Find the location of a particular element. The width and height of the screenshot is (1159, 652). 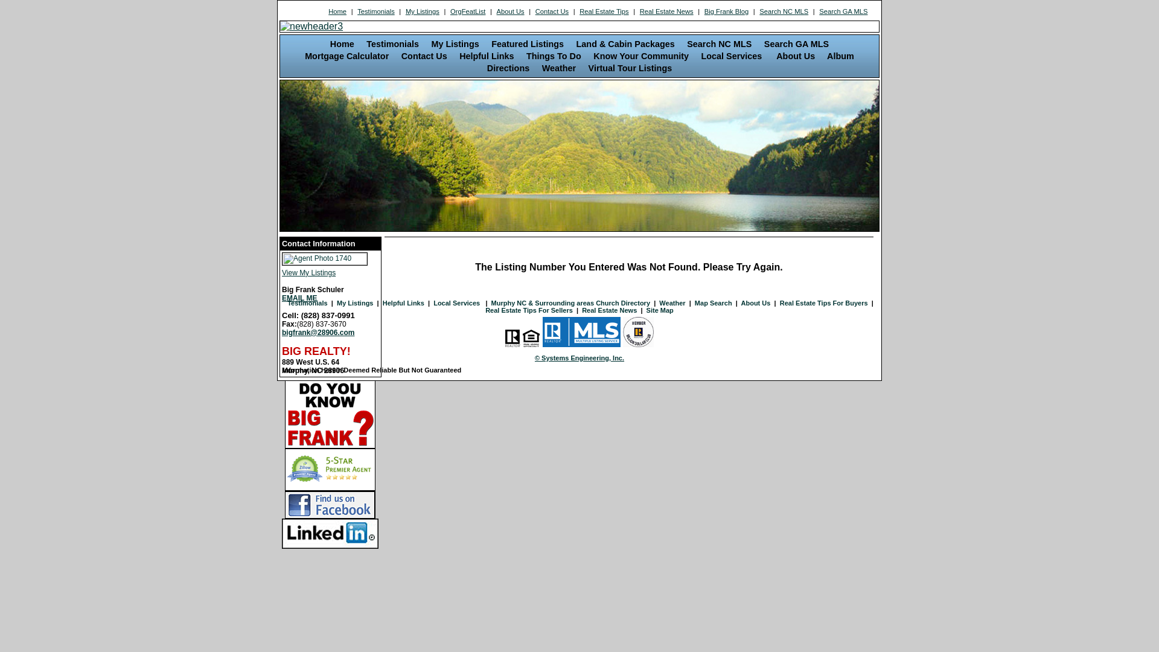

'My Listings' is located at coordinates (455, 43).